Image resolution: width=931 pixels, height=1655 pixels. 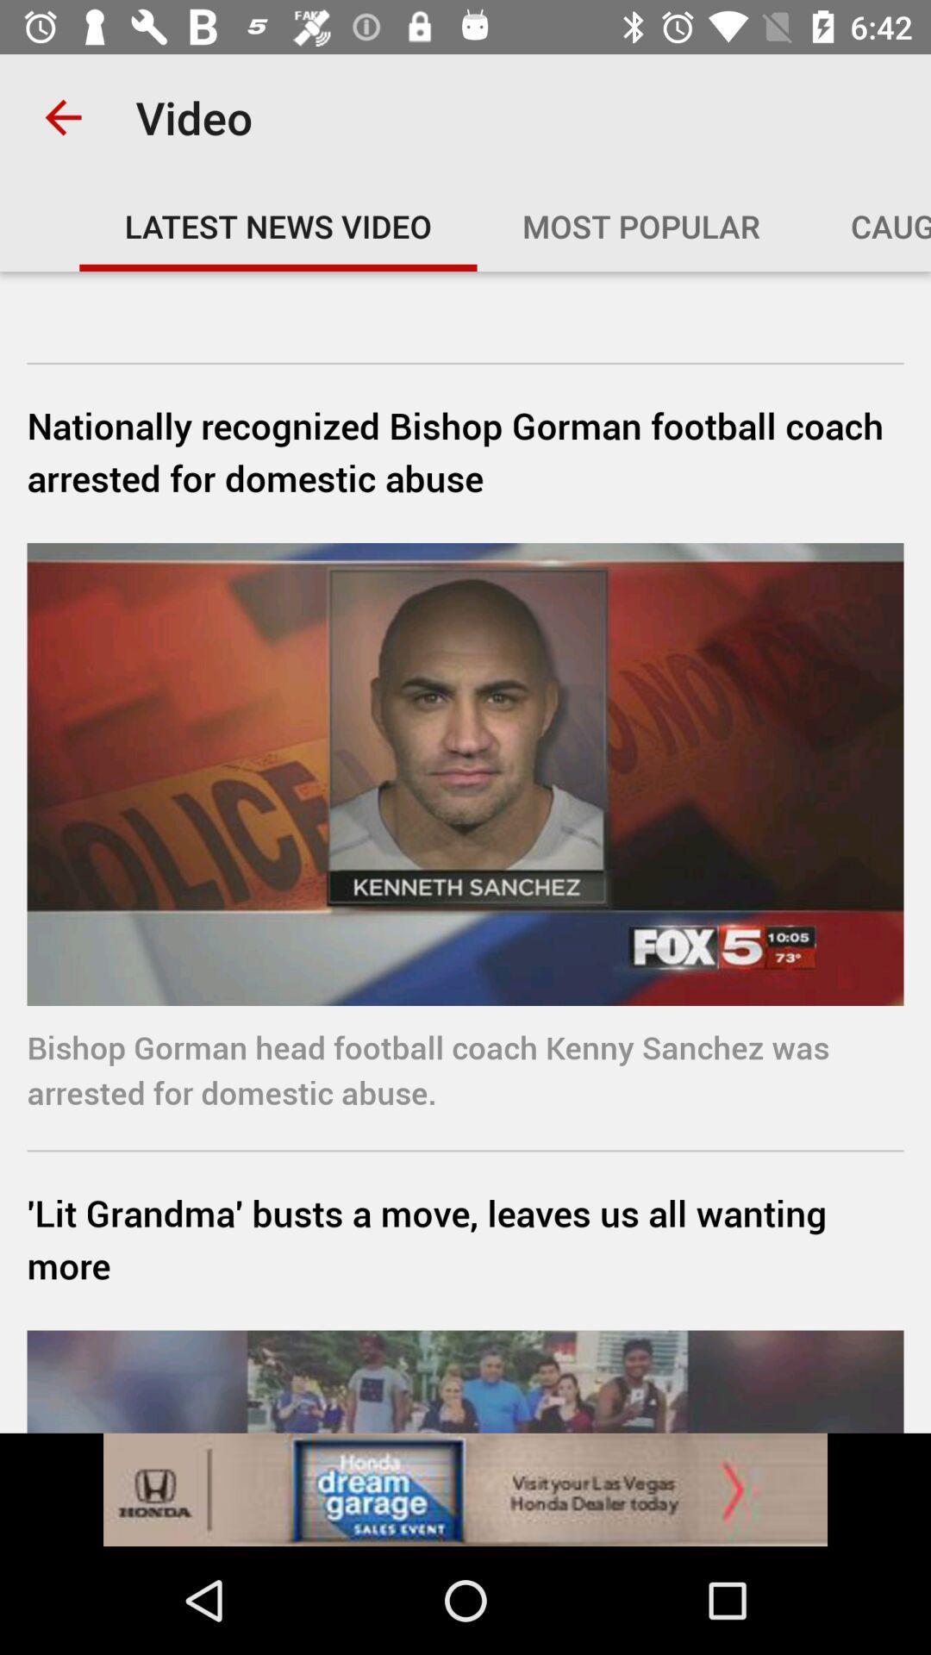 What do you see at coordinates (465, 1489) in the screenshot?
I see `click the advertisement` at bounding box center [465, 1489].